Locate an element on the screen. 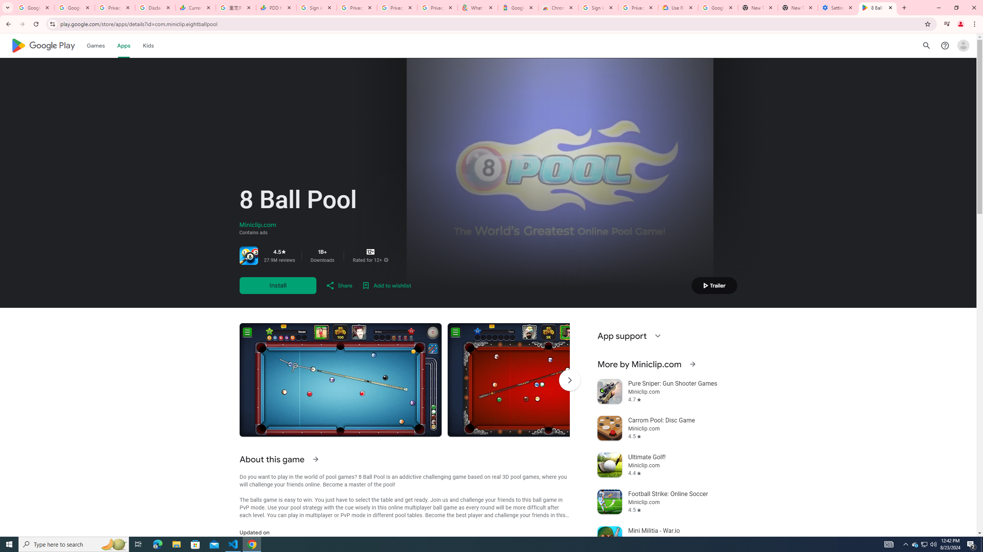  'Install' is located at coordinates (277, 285).